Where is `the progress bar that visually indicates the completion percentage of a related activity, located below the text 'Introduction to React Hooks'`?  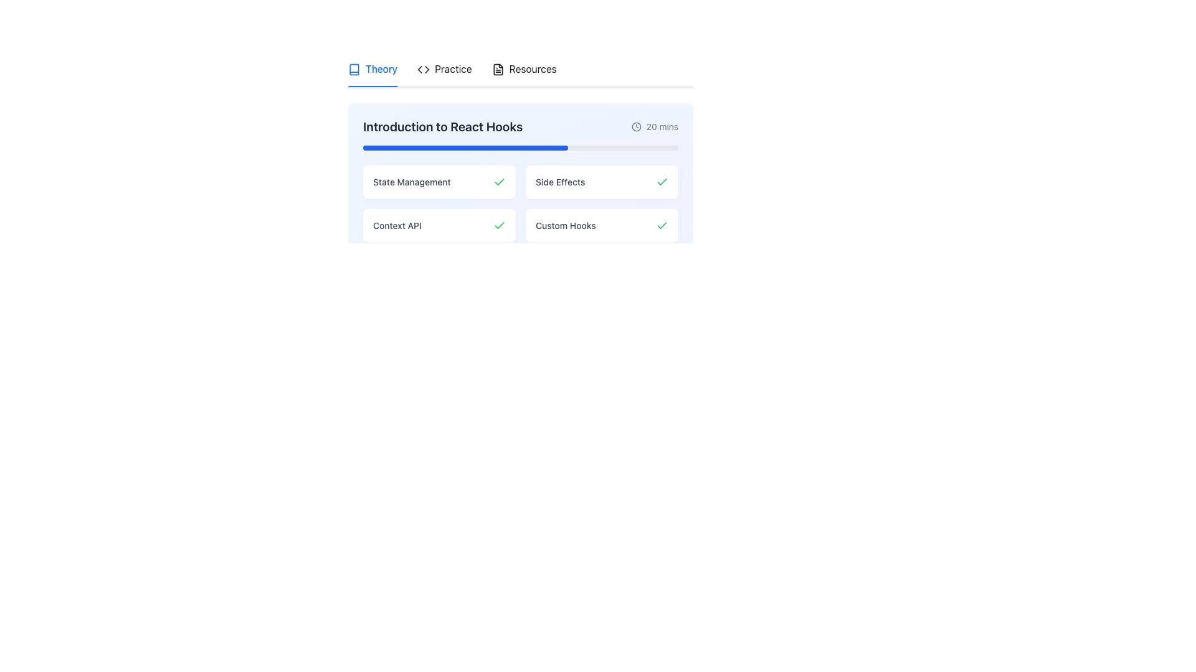
the progress bar that visually indicates the completion percentage of a related activity, located below the text 'Introduction to React Hooks' is located at coordinates (465, 147).